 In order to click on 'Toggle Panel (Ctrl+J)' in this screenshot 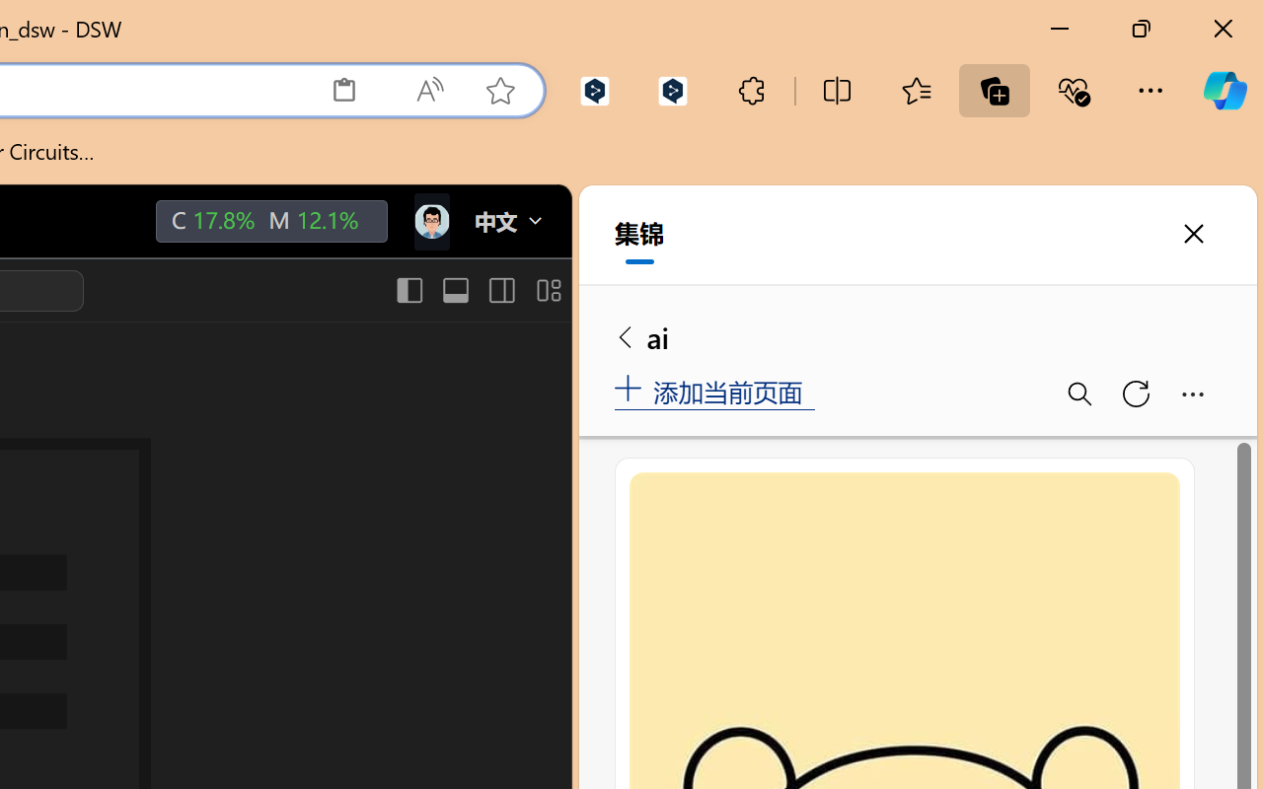, I will do `click(454, 290)`.